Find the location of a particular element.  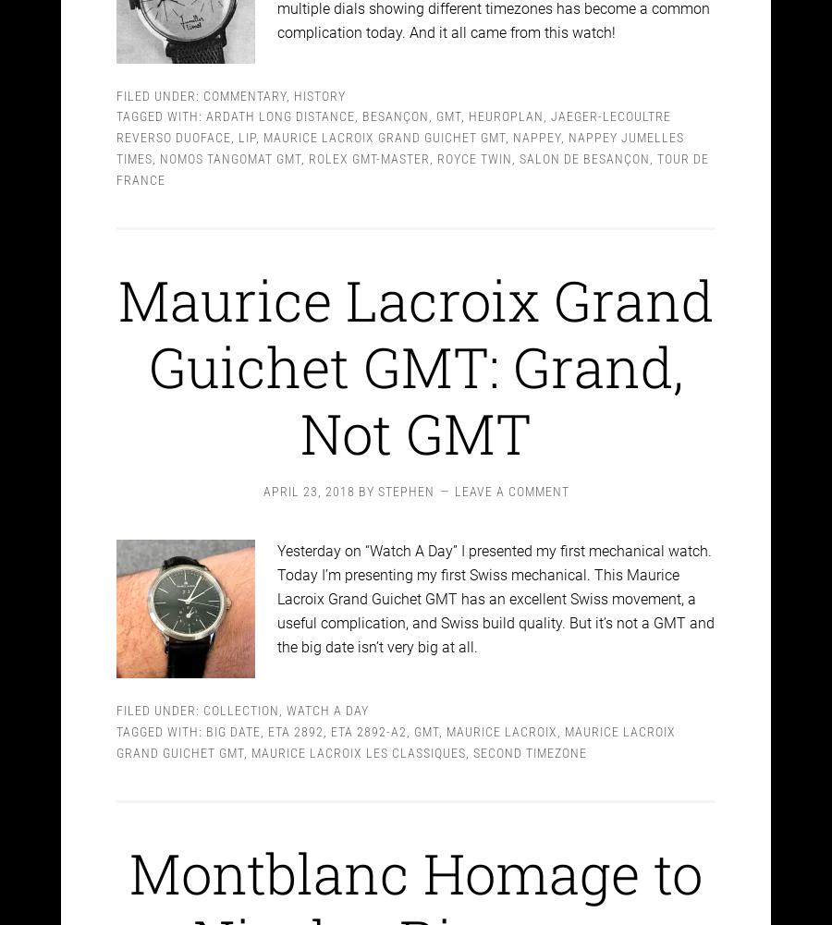

'Ardath Long Distance' is located at coordinates (279, 100).